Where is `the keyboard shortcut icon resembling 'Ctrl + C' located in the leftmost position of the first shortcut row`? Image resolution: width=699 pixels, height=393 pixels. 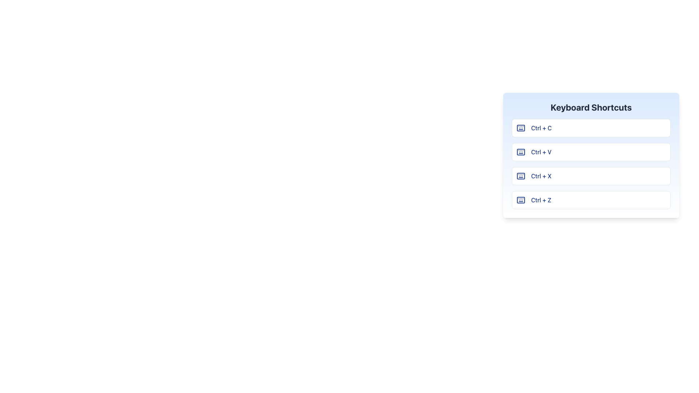 the keyboard shortcut icon resembling 'Ctrl + C' located in the leftmost position of the first shortcut row is located at coordinates (520, 127).